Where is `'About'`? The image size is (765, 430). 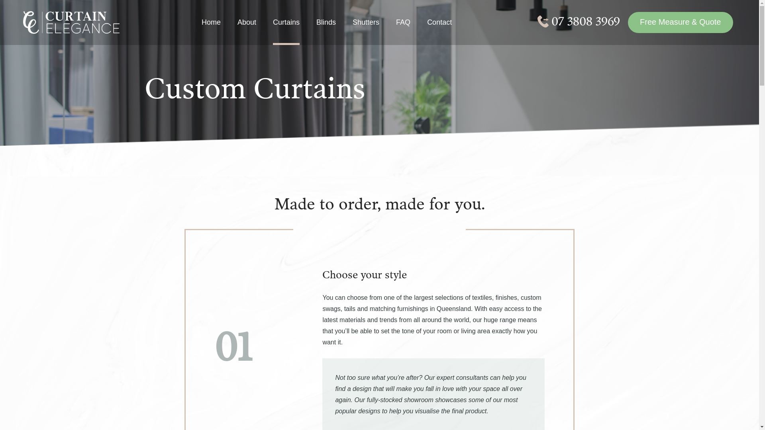 'About' is located at coordinates (246, 30).